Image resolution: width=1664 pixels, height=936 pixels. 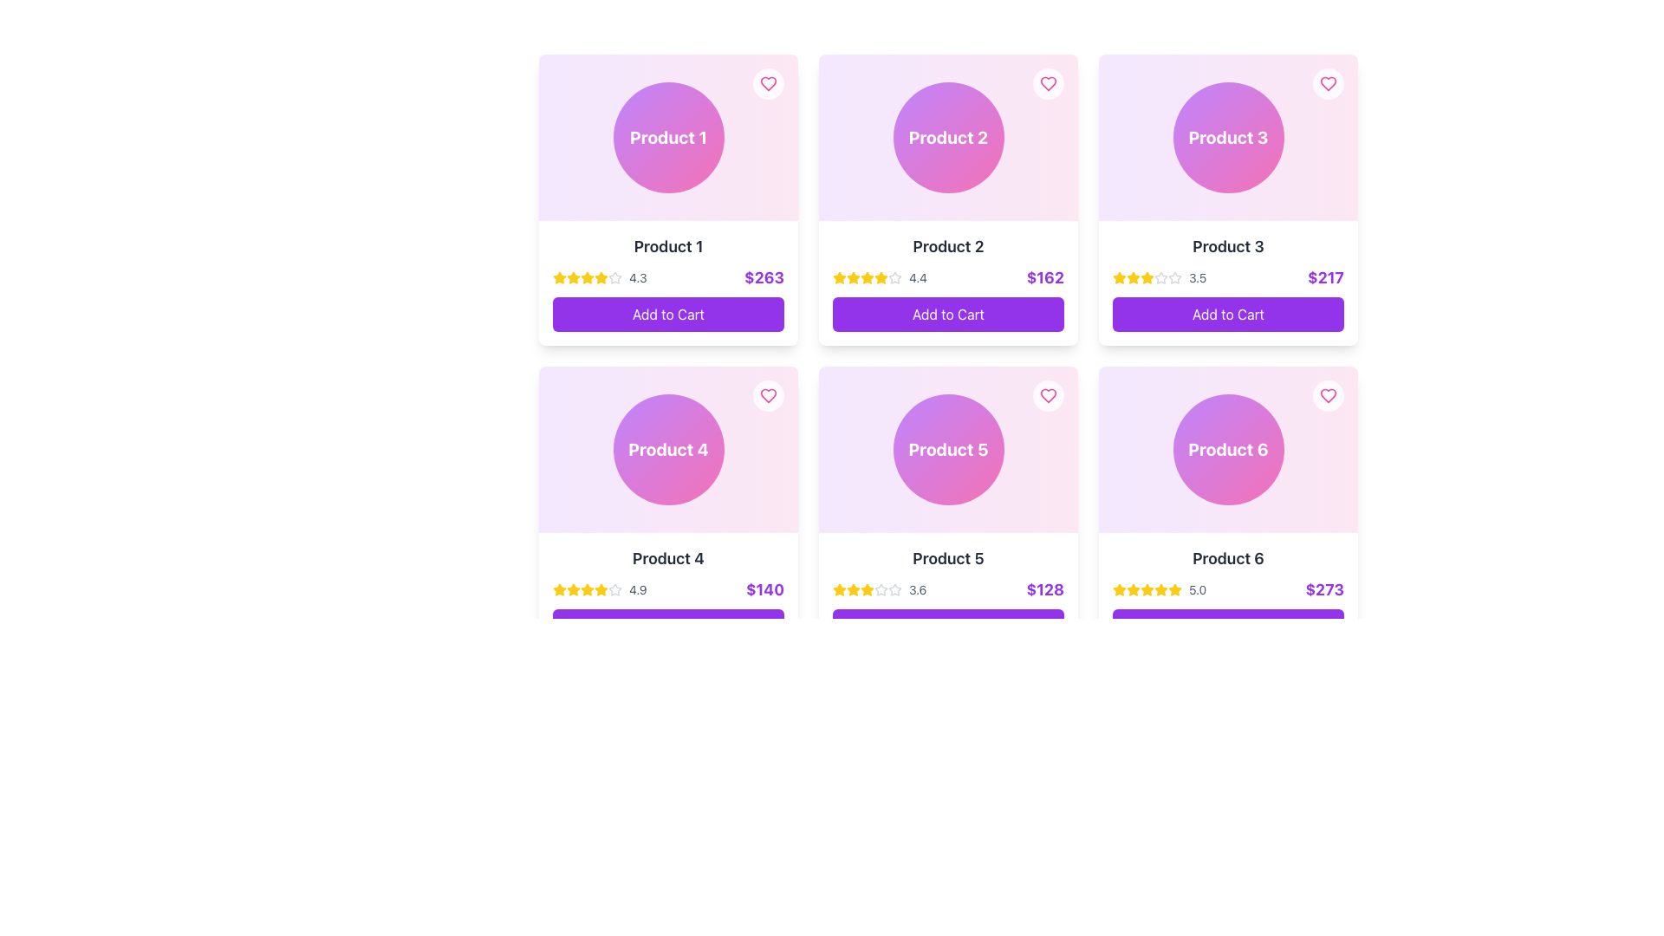 What do you see at coordinates (1197, 589) in the screenshot?
I see `the text label displaying the rating value '5.0' for 'Product 6', which is in a small, gray font and located immediately to the right of five yellow star icons` at bounding box center [1197, 589].